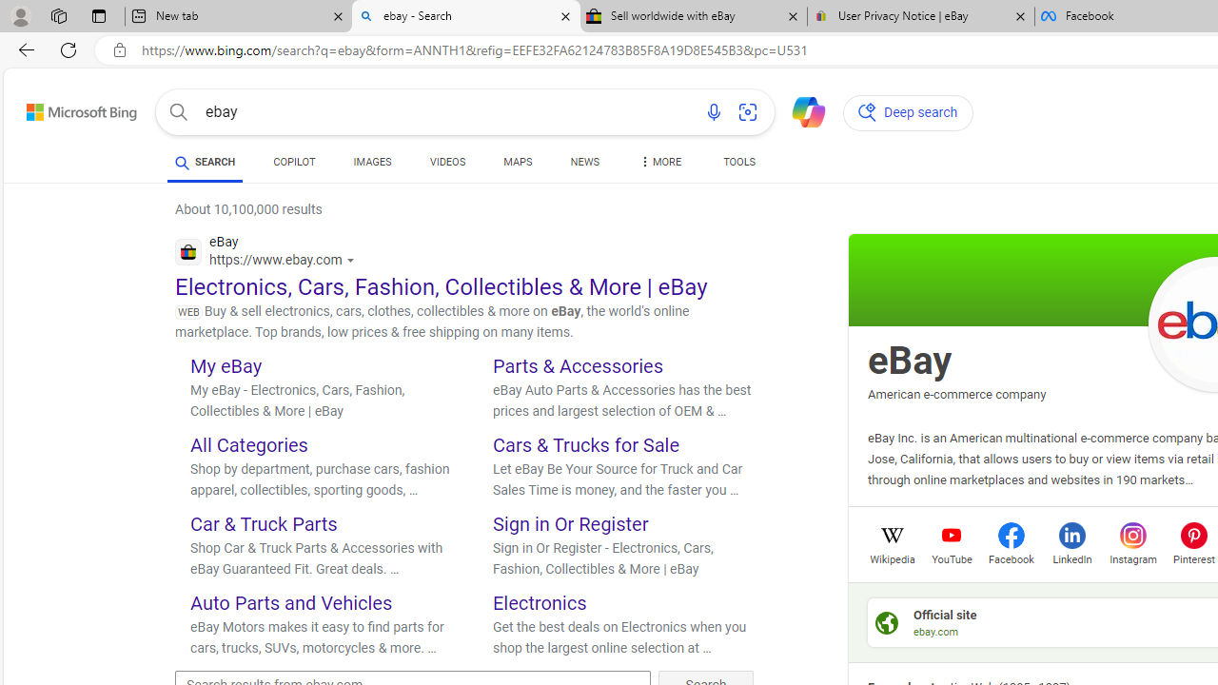  I want to click on 'Skip to content', so click(61, 106).